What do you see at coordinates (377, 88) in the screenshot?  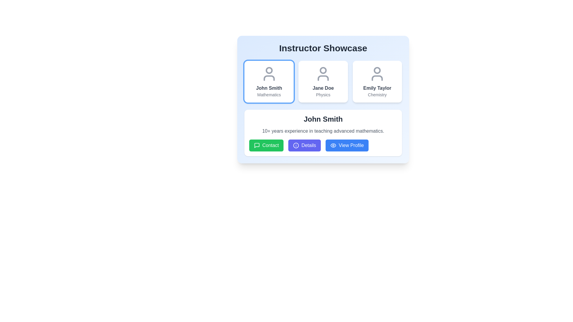 I see `text content of the Label displaying 'Emily Taylor', which is styled in bold and dark gray, located in the center of the card component, below the user icon and above 'Chemistry'` at bounding box center [377, 88].